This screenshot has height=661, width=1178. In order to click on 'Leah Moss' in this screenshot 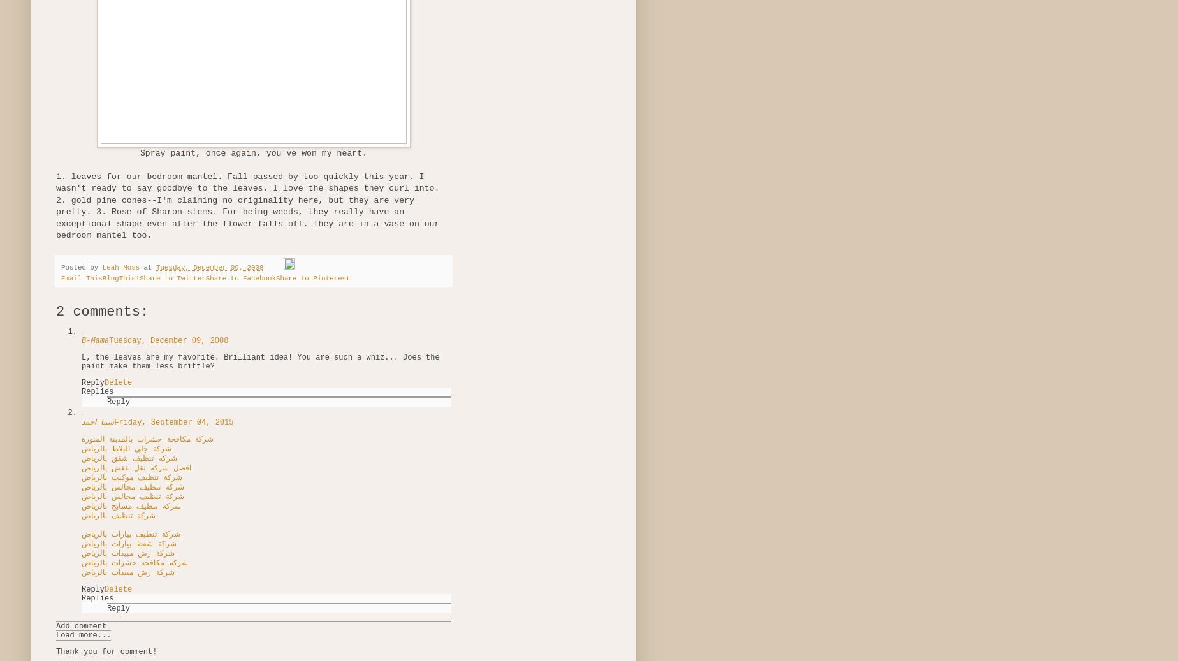, I will do `click(120, 266)`.